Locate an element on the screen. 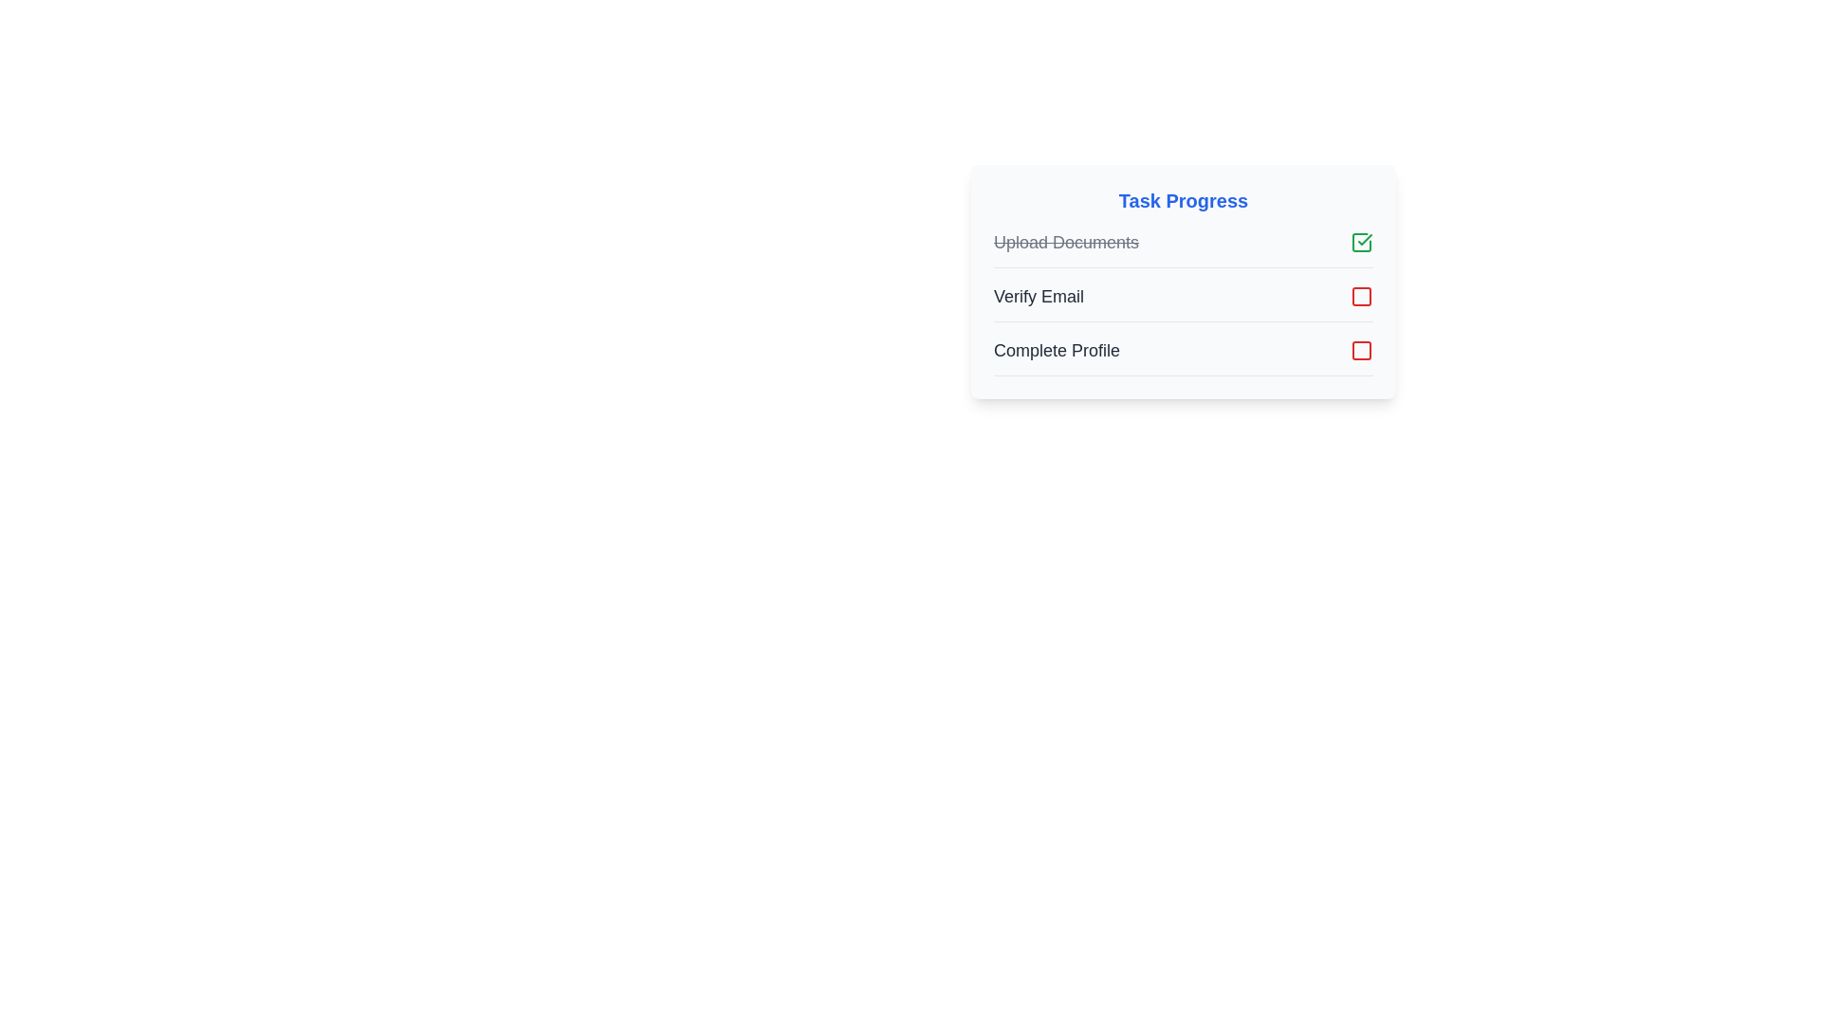 This screenshot has width=1821, height=1024. the green checkmark icon indicating completion for the 'Upload Documents' task under 'Task Progress' is located at coordinates (1364, 239).